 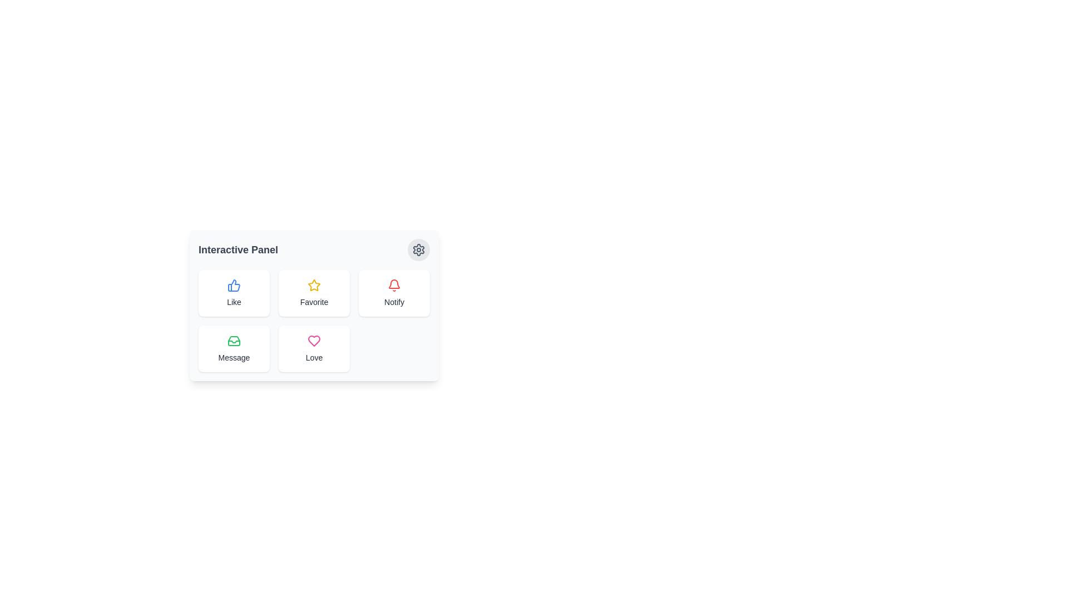 I want to click on the text label displaying 'Love' in a small gray font located below the pink heart icon in the lower-right widget of the grid layout, so click(x=314, y=358).